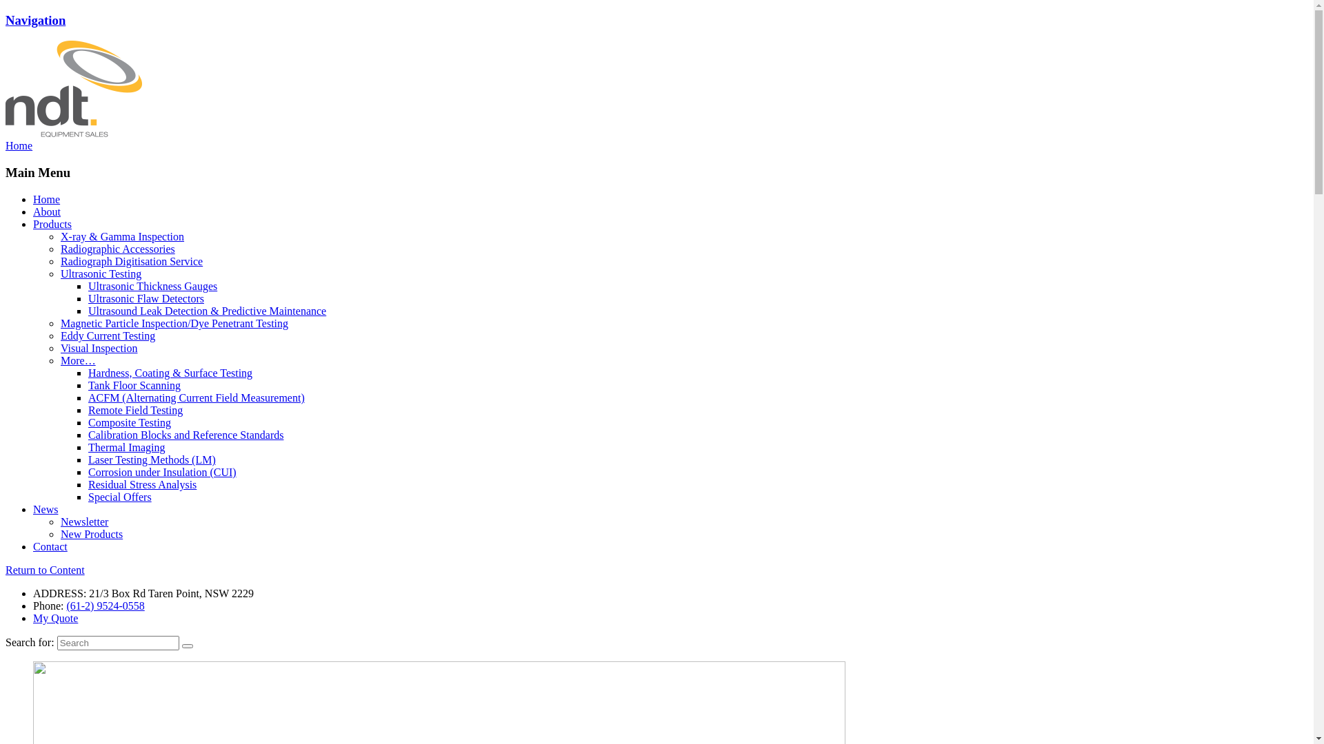  Describe the element at coordinates (83, 521) in the screenshot. I see `'Newsletter'` at that location.